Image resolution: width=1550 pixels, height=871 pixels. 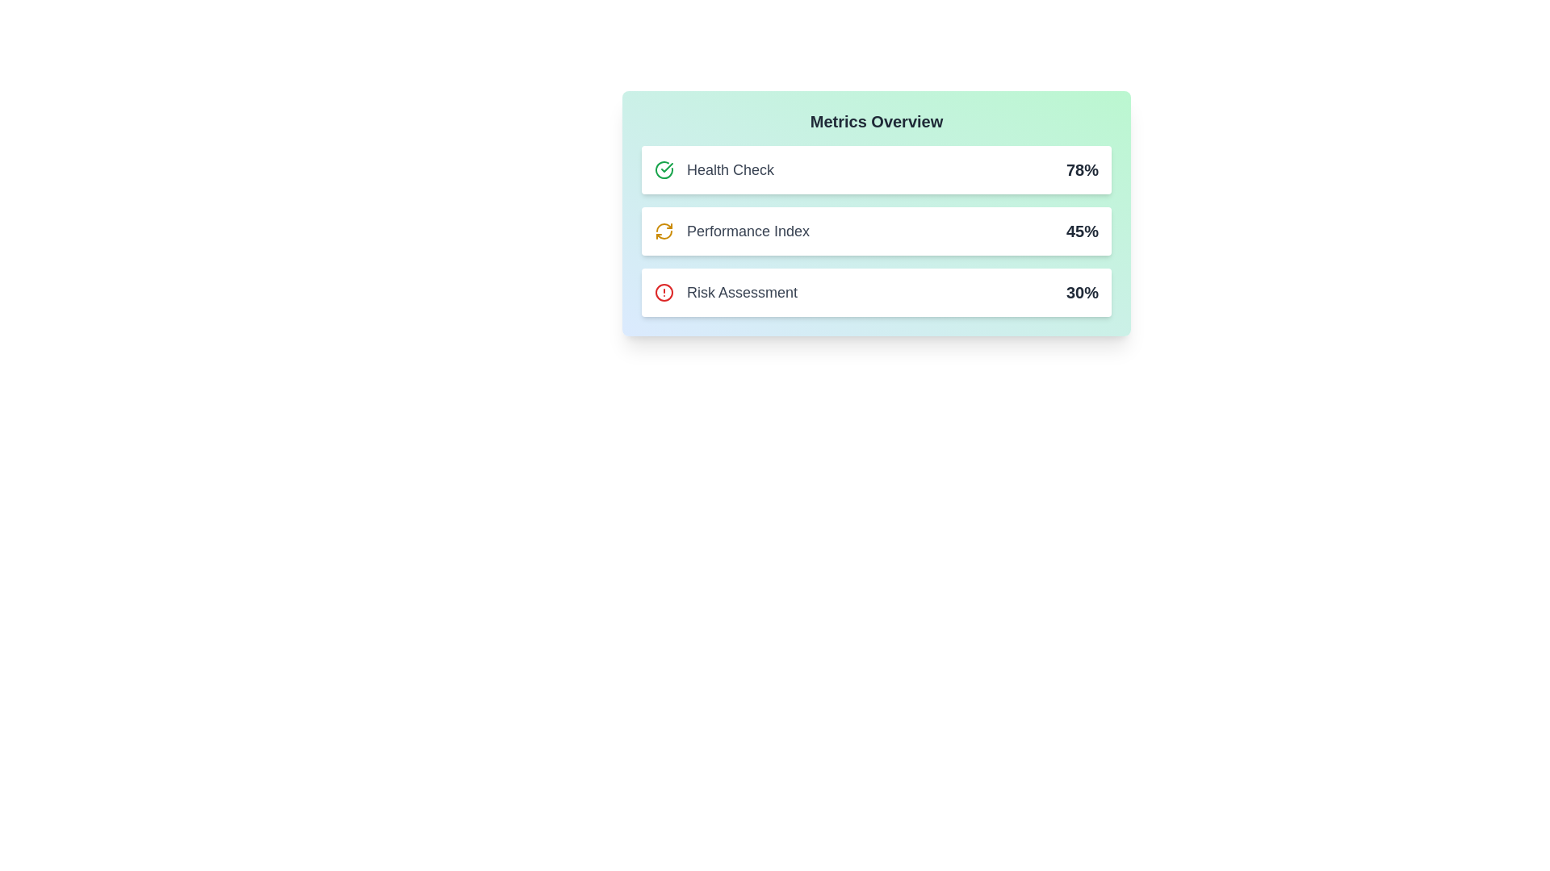 I want to click on the outer arc of the green-colored circular icon that symbolizes status or completion, located beside the 'Health Check' label in the interface, so click(x=664, y=170).